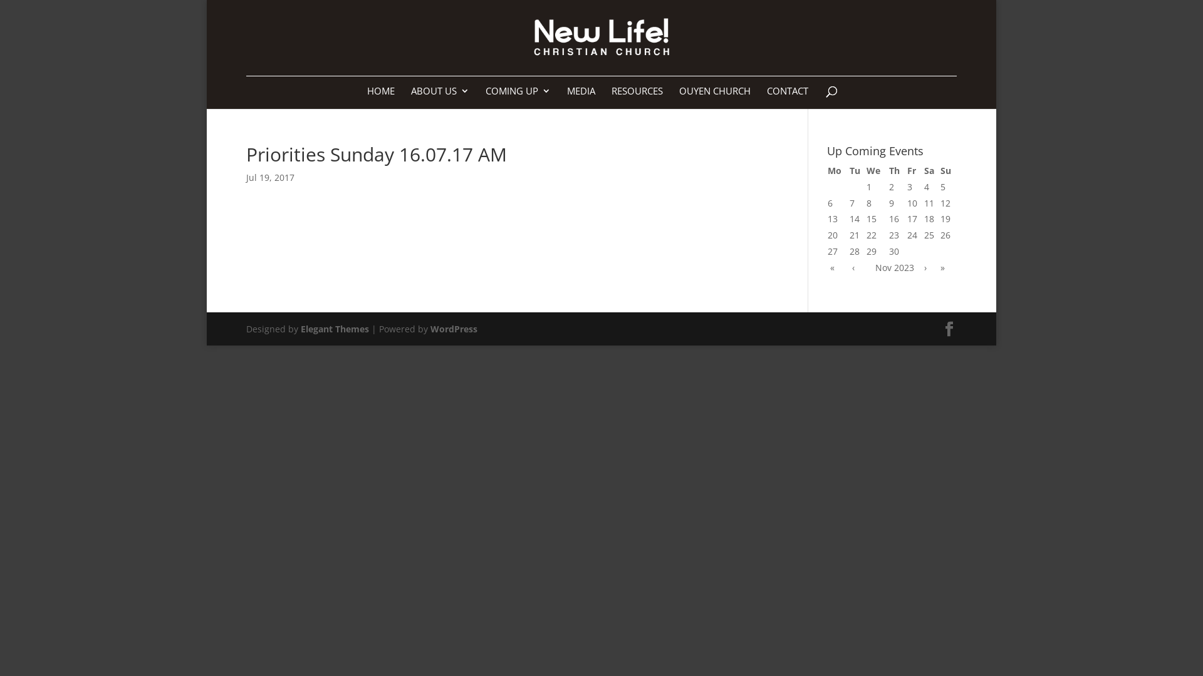 This screenshot has height=676, width=1203. I want to click on 'Nov 2023', so click(894, 267).